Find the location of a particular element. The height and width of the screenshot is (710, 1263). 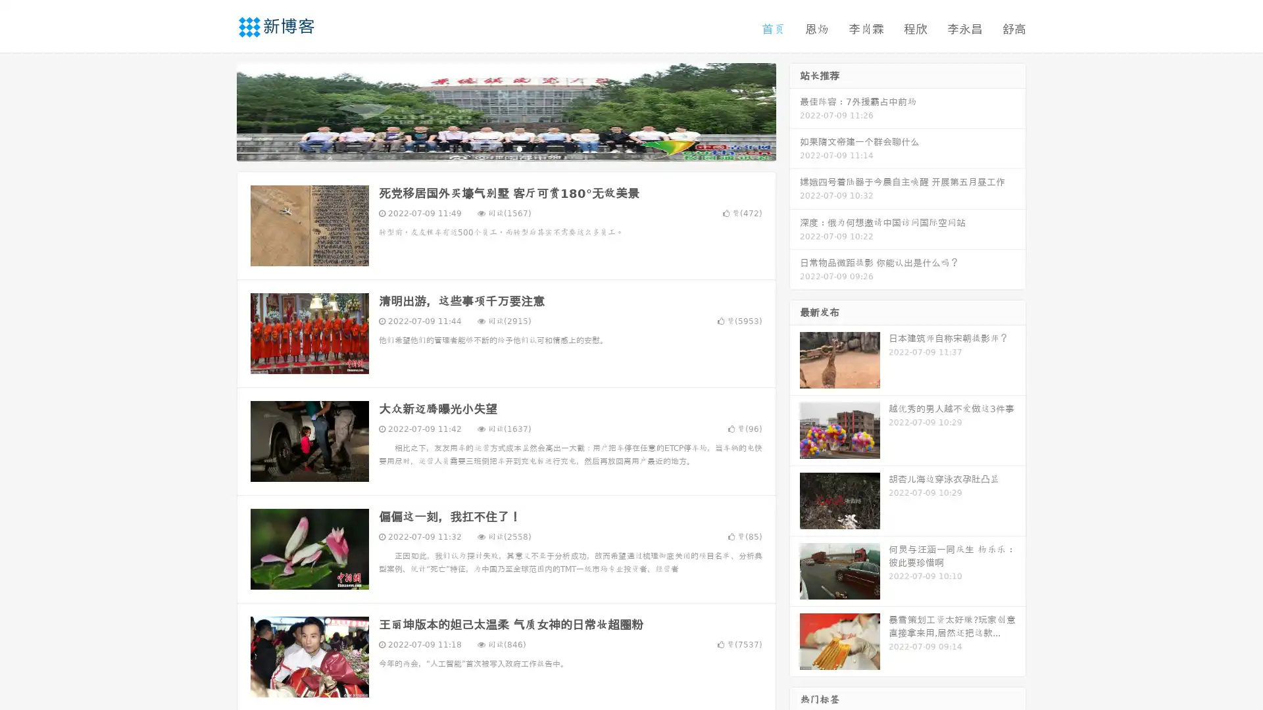

Next slide is located at coordinates (795, 110).